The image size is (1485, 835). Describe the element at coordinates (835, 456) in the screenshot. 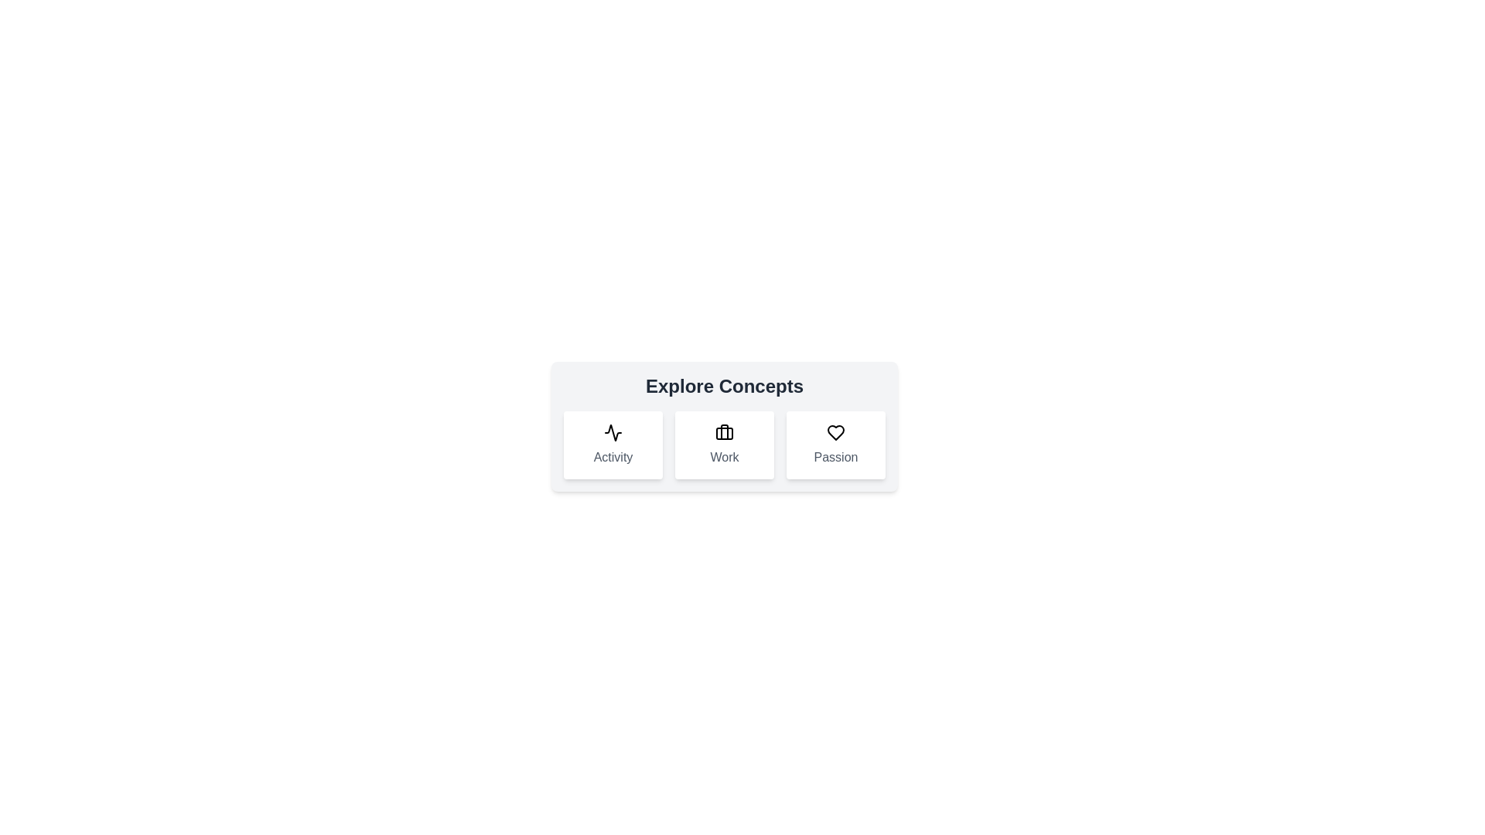

I see `the static text label located in the bottom-right card under the title 'Explore Concepts', which is positioned directly below a heart icon` at that location.